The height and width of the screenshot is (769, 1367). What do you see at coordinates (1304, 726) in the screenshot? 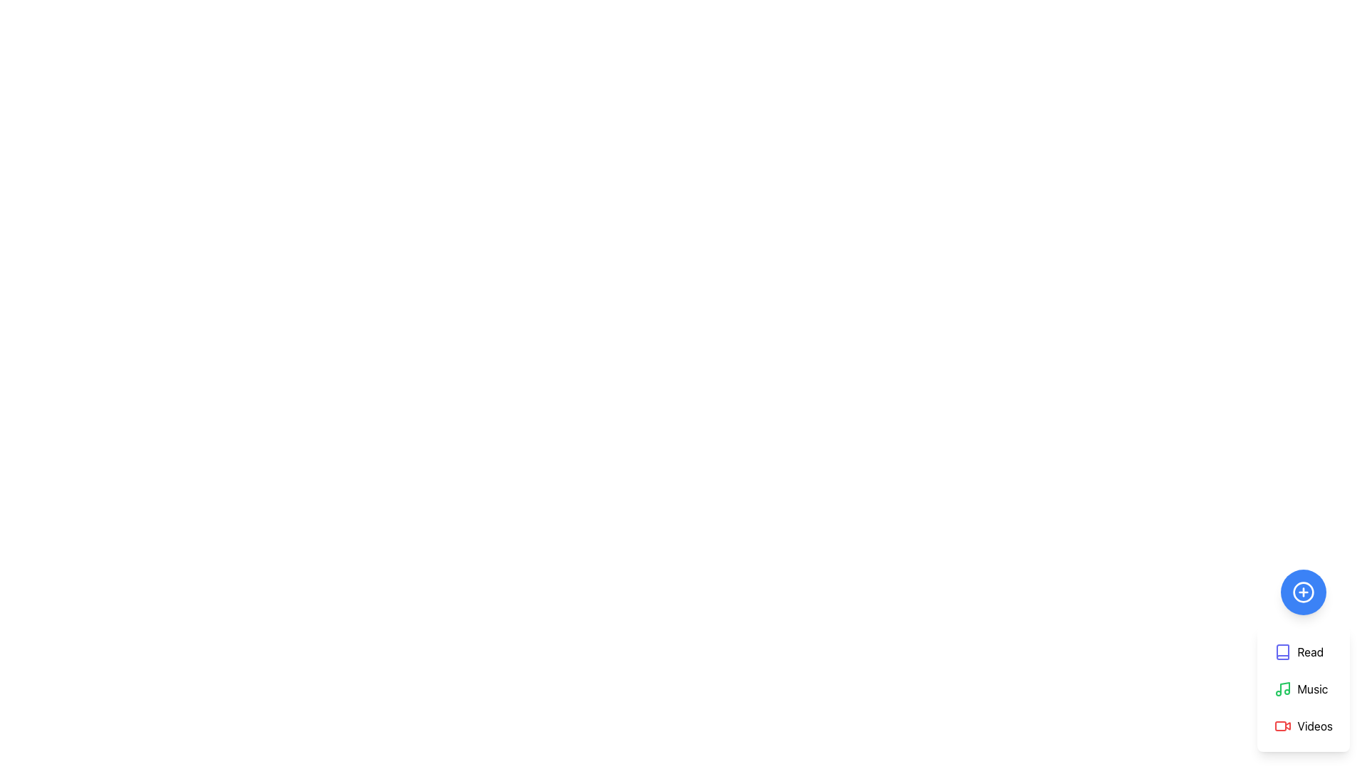
I see `the 'Videos' menu item button, which is the third option in a vertical list of menu items located below the 'Music' item` at bounding box center [1304, 726].